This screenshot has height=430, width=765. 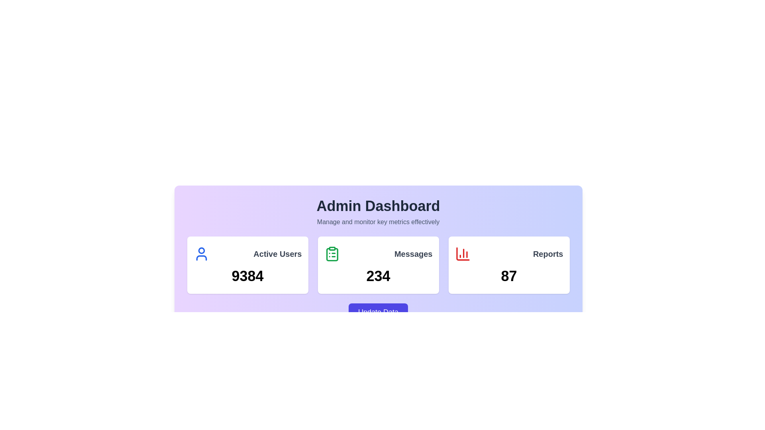 What do you see at coordinates (378, 311) in the screenshot?
I see `the button located at the bottom center of the dashboard to enable keyboard interaction` at bounding box center [378, 311].